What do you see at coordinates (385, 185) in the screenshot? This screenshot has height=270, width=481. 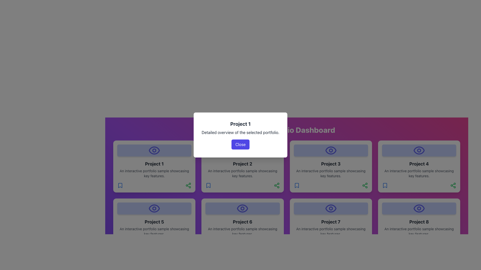 I see `the bookmark icon button with a blue outline located in the bottom-left corner of the 'Project 4' card` at bounding box center [385, 185].